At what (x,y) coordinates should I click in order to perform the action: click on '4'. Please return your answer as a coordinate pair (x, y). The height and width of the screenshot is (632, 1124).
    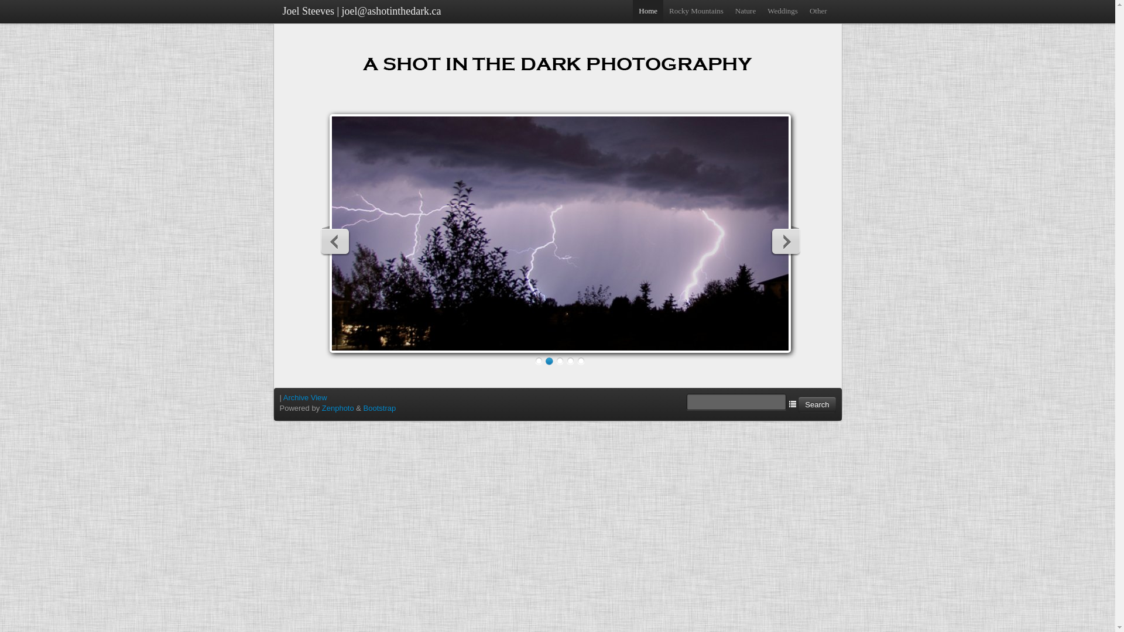
    Looking at the image, I should click on (570, 360).